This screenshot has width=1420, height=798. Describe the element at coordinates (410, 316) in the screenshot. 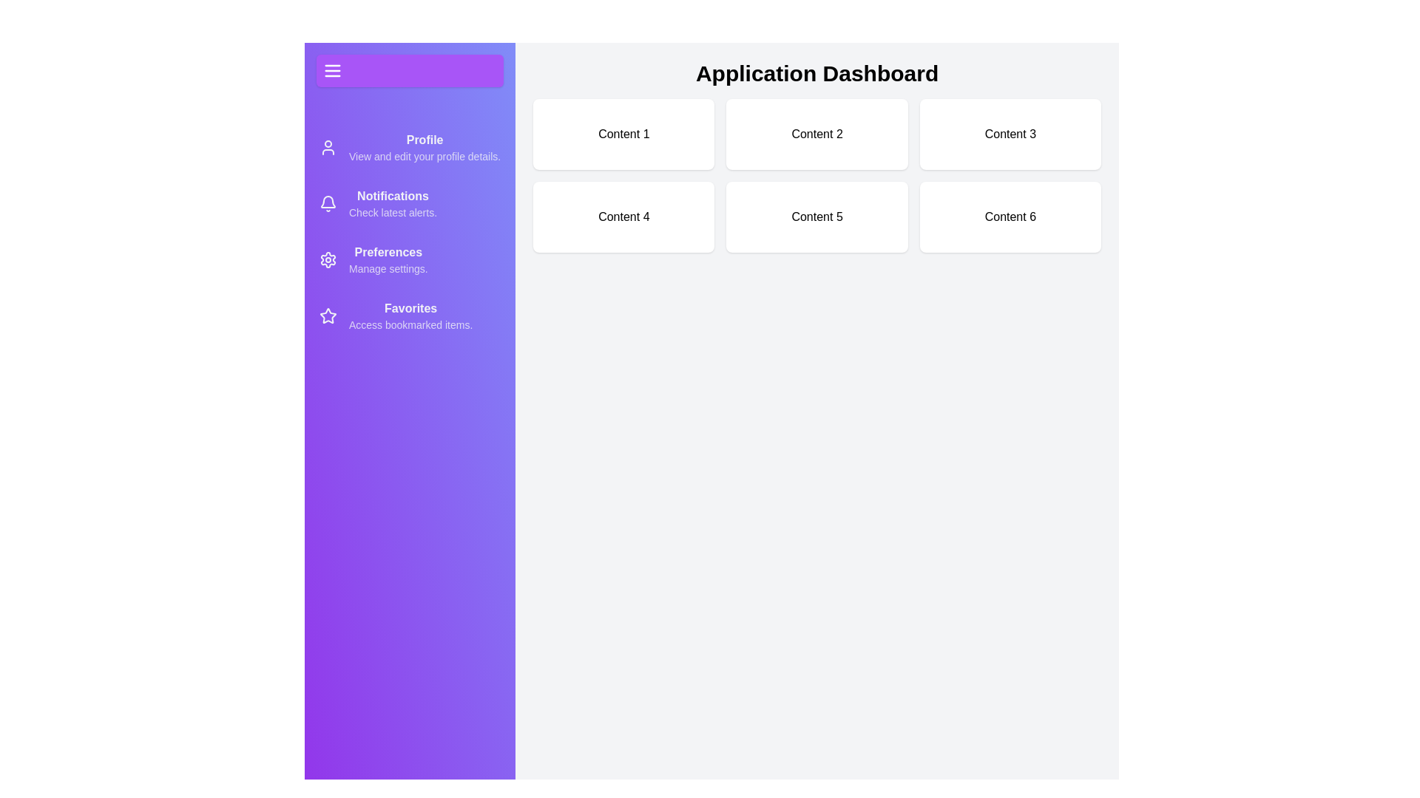

I see `the menu item Favorites to view its hover effect` at that location.